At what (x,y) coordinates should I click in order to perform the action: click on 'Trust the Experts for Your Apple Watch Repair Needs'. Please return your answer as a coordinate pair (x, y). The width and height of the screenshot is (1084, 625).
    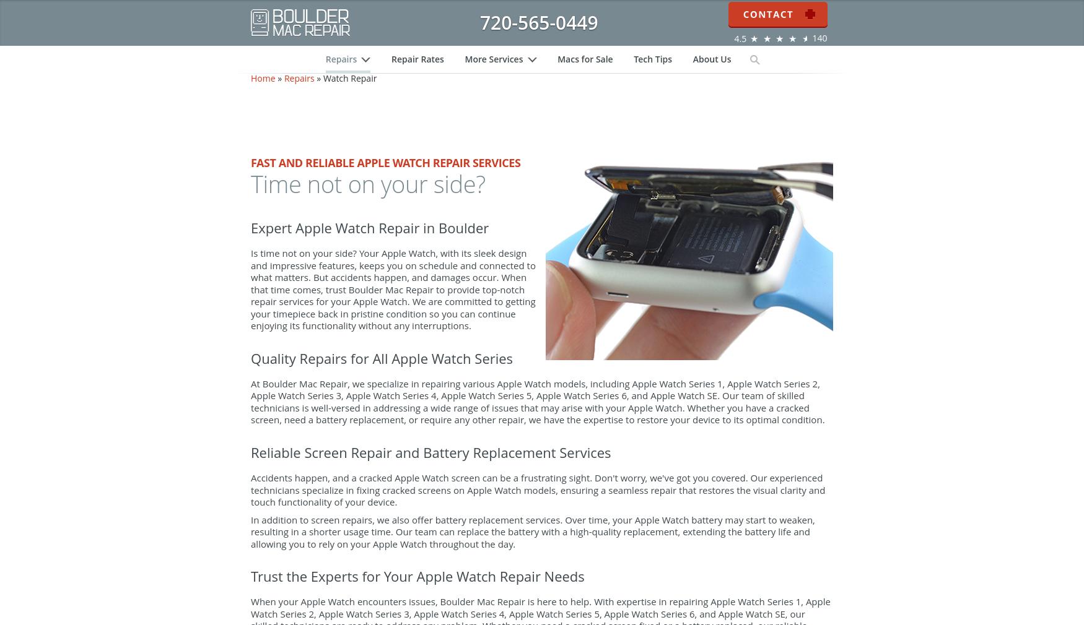
    Looking at the image, I should click on (416, 601).